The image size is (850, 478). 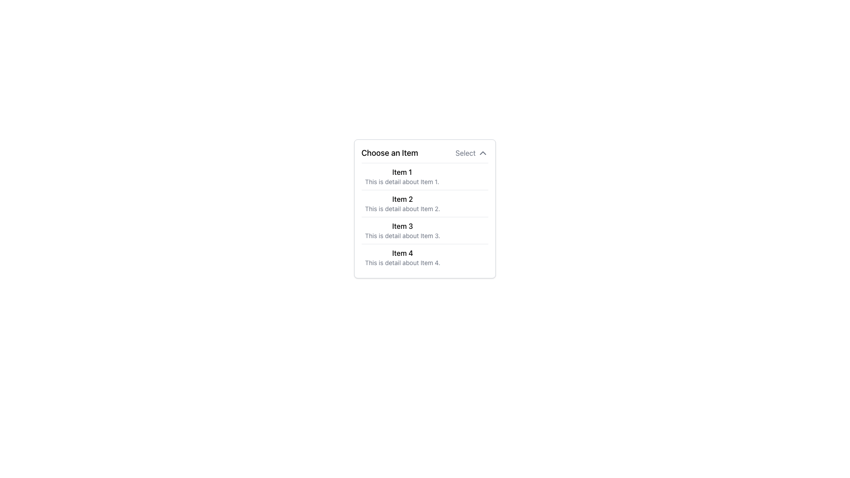 What do you see at coordinates (402, 176) in the screenshot?
I see `the first list item titled 'Item 1' in the dropdown menu under 'Choose an Item'` at bounding box center [402, 176].